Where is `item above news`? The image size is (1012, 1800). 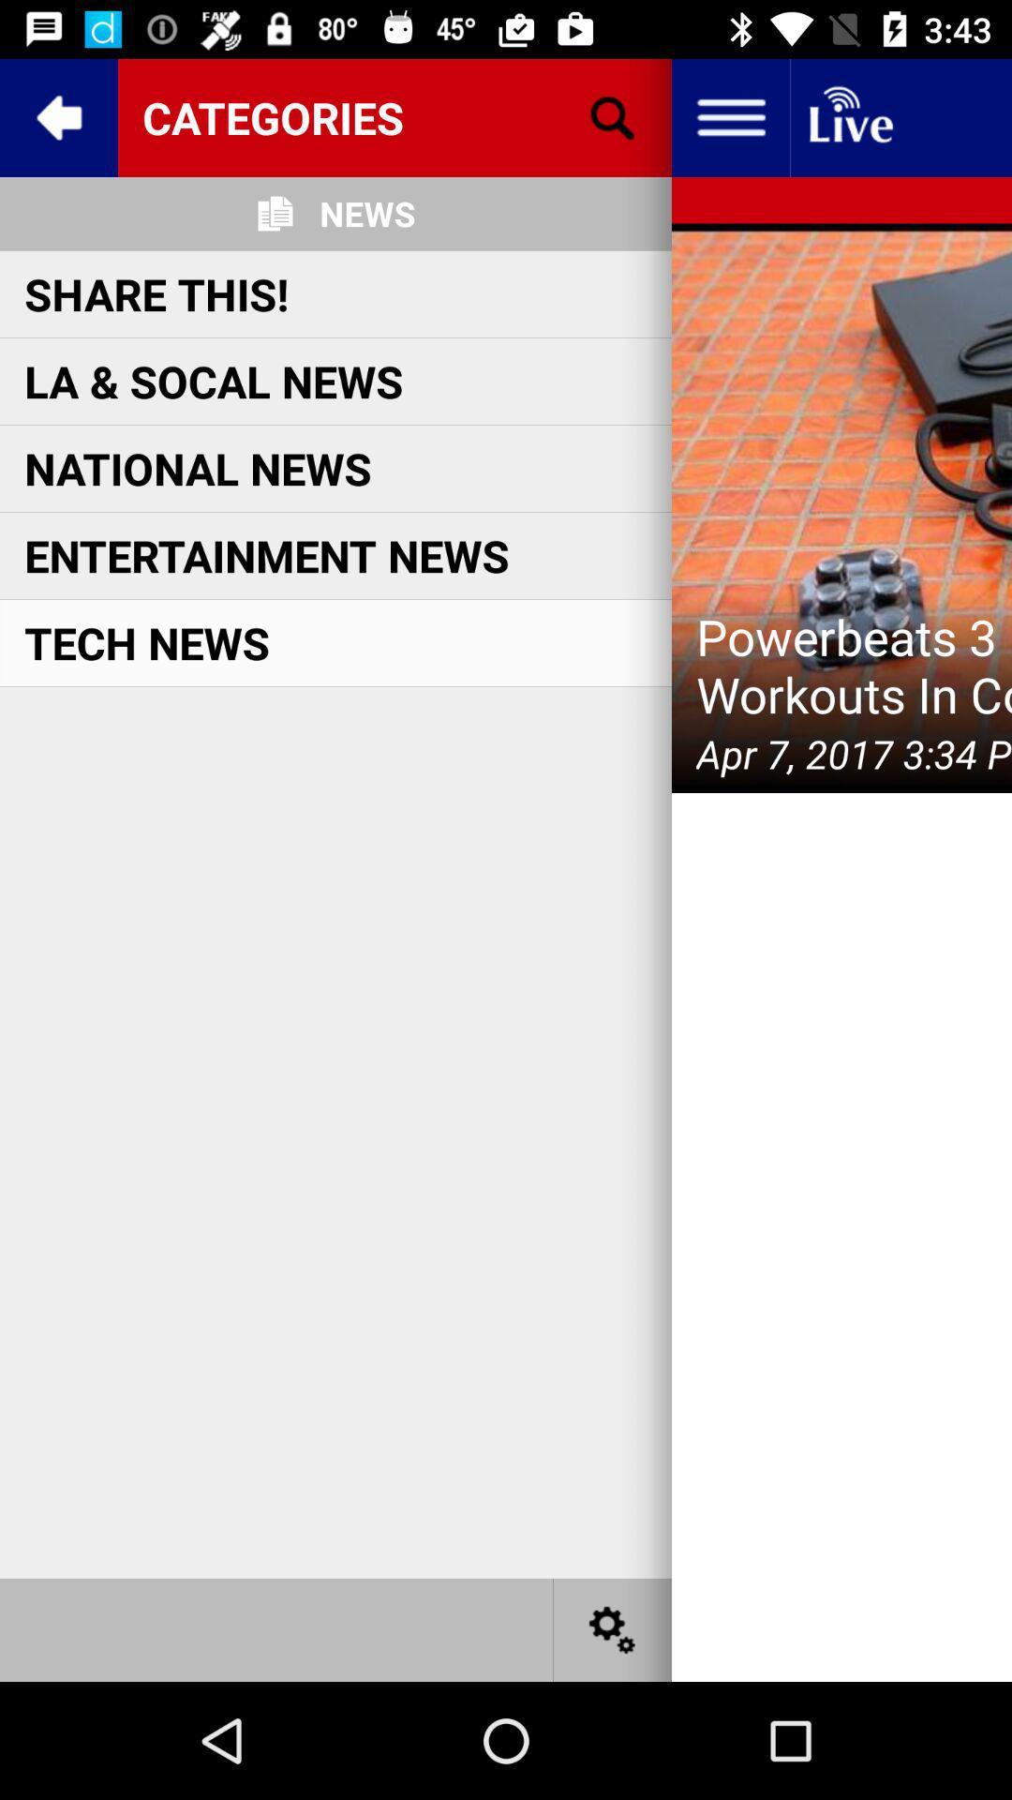
item above news is located at coordinates (394, 116).